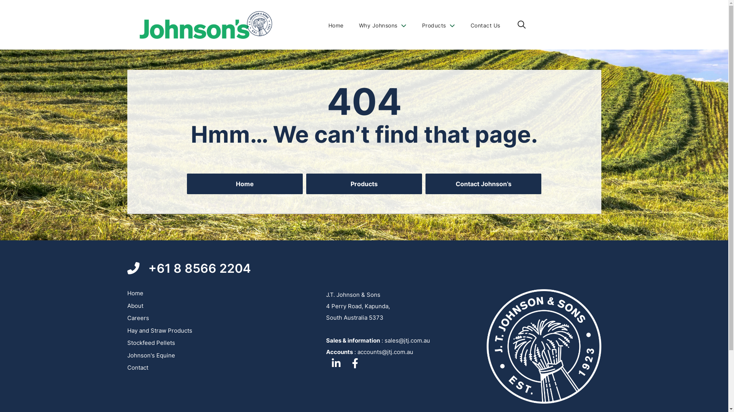 This screenshot has height=412, width=734. What do you see at coordinates (382, 25) in the screenshot?
I see `'Why Johnsons'` at bounding box center [382, 25].